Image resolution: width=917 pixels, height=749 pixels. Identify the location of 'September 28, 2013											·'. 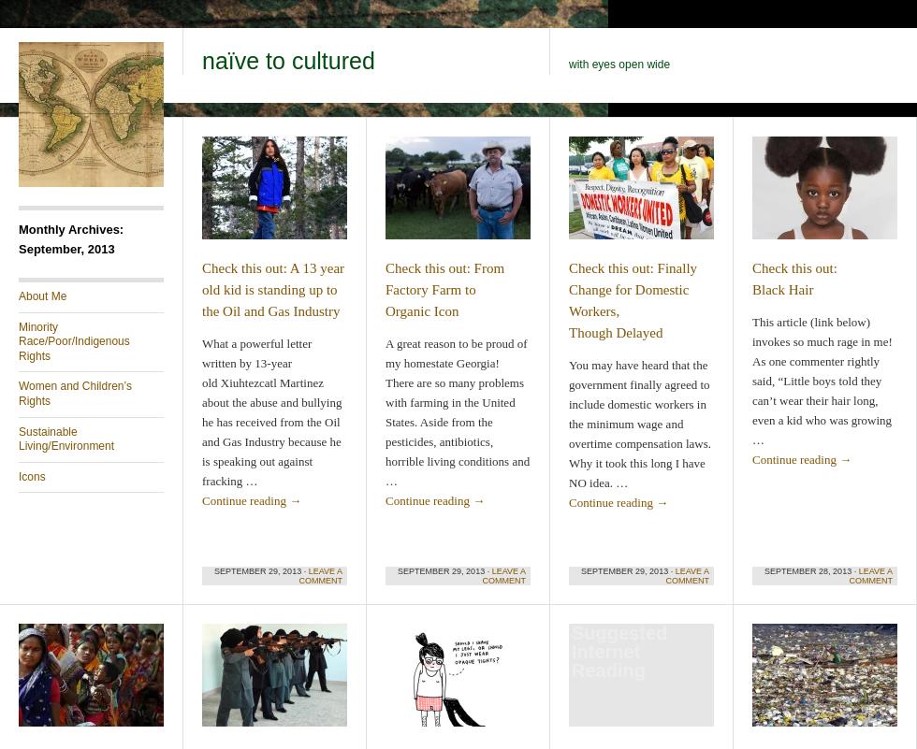
(764, 571).